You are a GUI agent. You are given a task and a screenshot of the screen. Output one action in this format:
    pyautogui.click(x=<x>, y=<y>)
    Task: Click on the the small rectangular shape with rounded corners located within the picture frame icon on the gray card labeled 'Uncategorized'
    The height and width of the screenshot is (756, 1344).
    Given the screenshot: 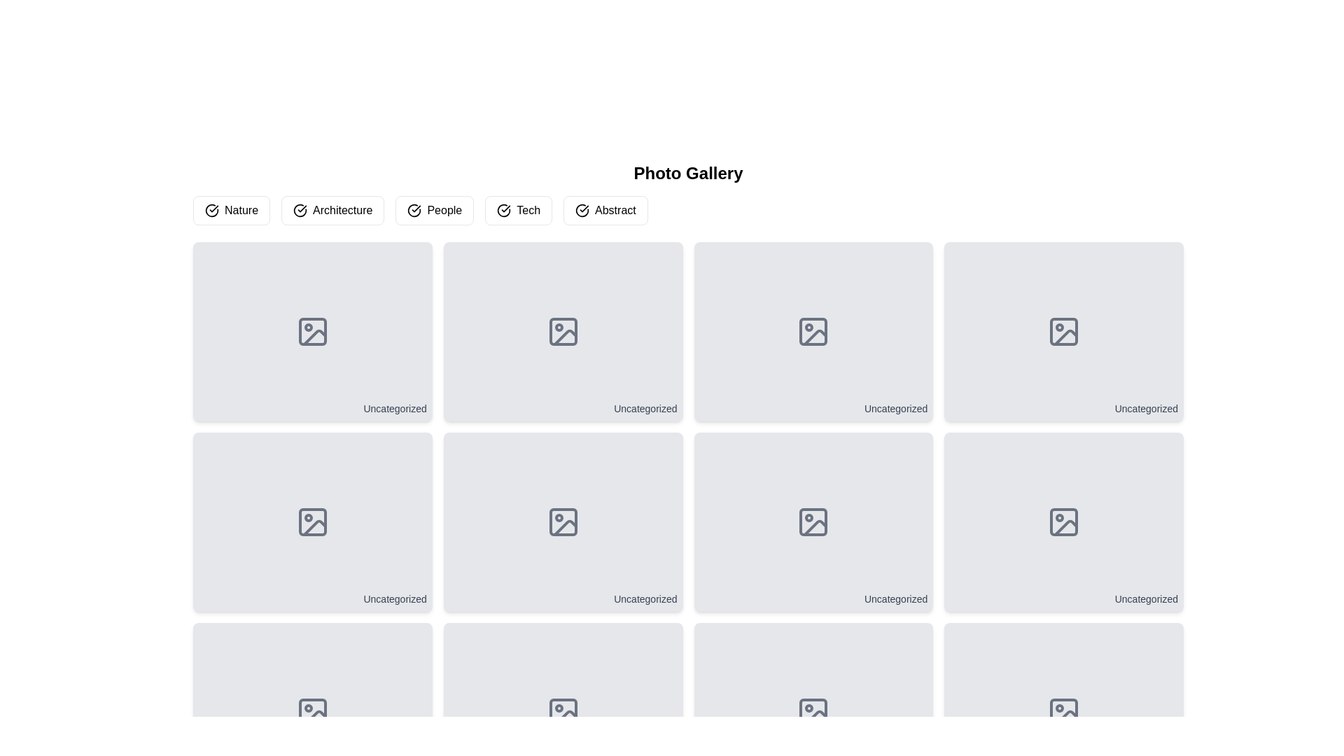 What is the action you would take?
    pyautogui.click(x=563, y=332)
    